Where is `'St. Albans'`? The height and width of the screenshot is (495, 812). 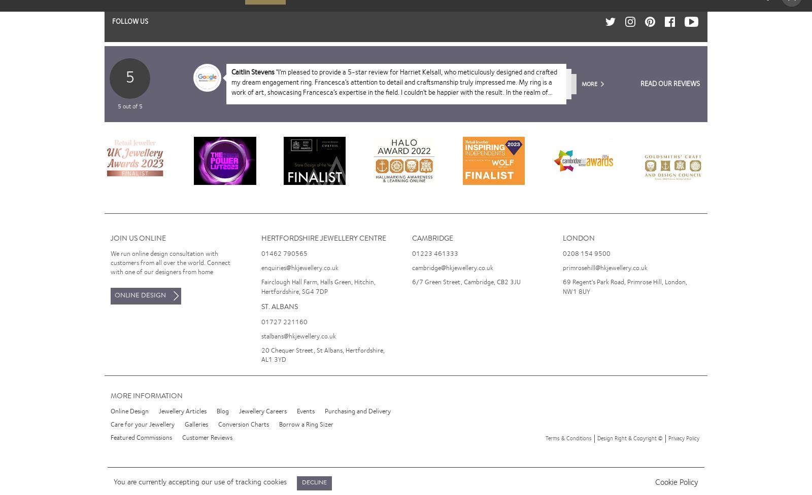 'St. Albans' is located at coordinates (279, 307).